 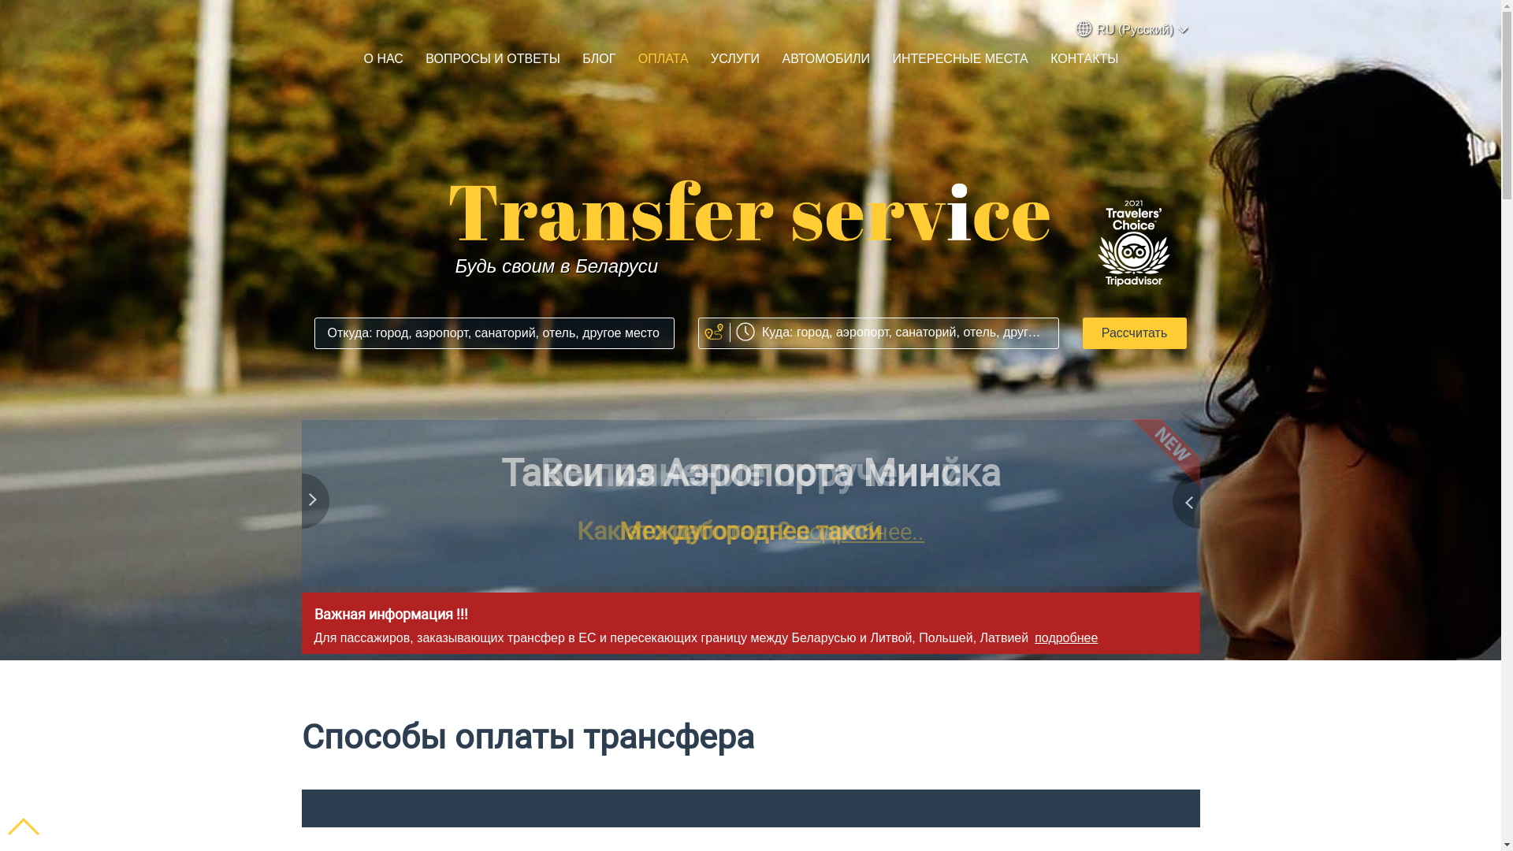 I want to click on 'Next', so click(x=1168, y=504).